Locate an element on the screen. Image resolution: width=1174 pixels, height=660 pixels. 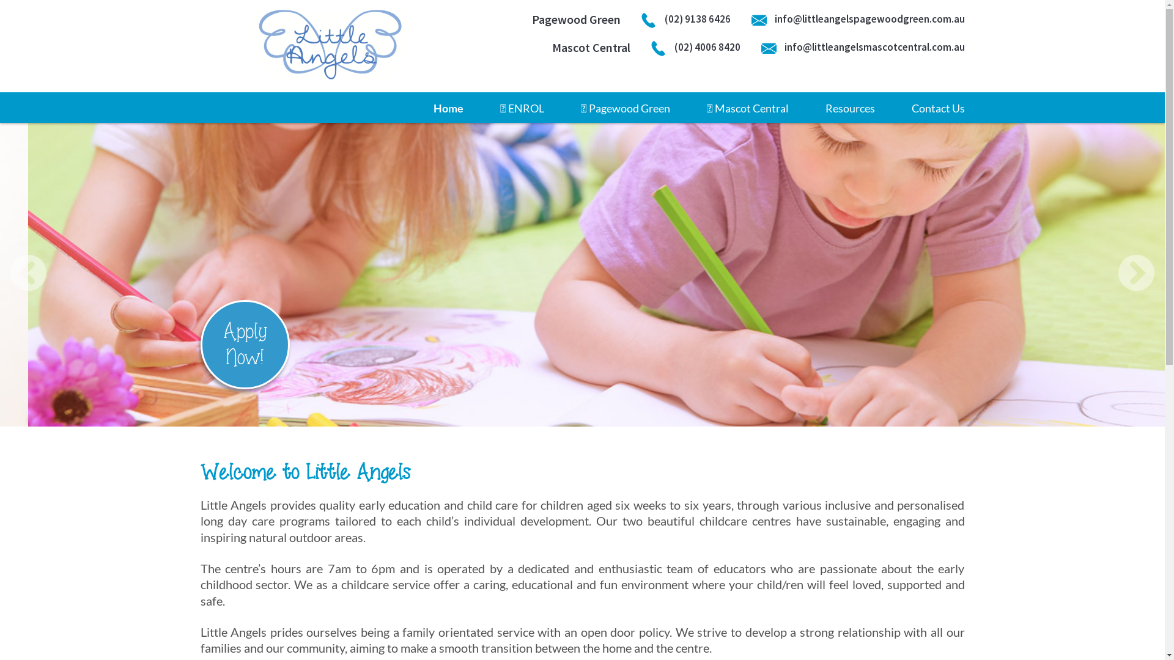
'Contact Us' is located at coordinates (937, 108).